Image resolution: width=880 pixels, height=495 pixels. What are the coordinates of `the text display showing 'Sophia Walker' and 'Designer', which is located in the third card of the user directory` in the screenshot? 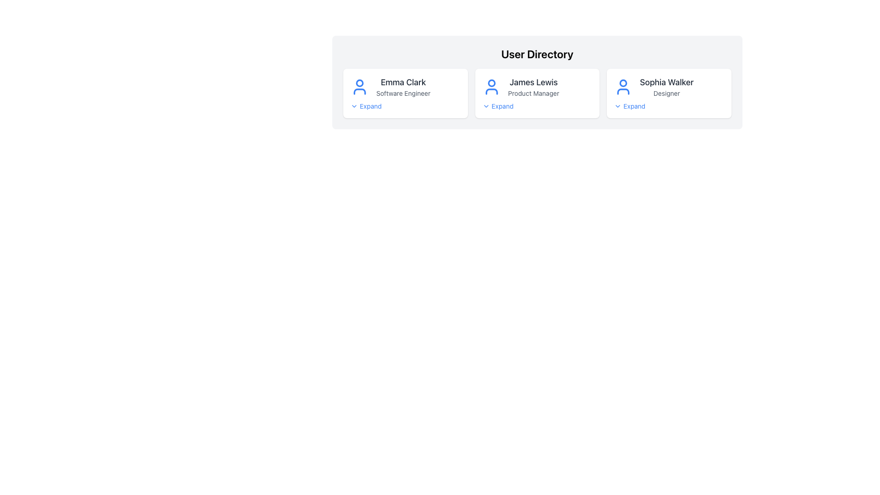 It's located at (666, 87).